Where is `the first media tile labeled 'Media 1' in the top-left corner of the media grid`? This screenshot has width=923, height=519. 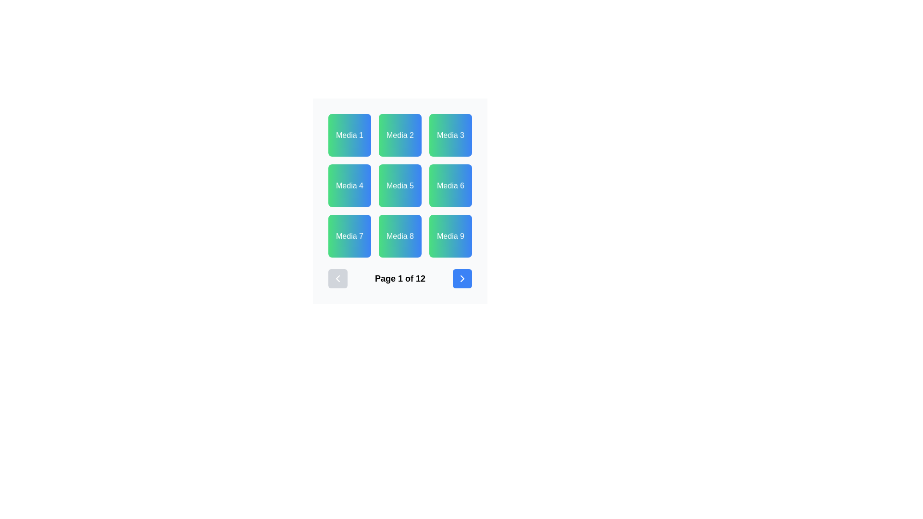
the first media tile labeled 'Media 1' in the top-left corner of the media grid is located at coordinates (349, 135).